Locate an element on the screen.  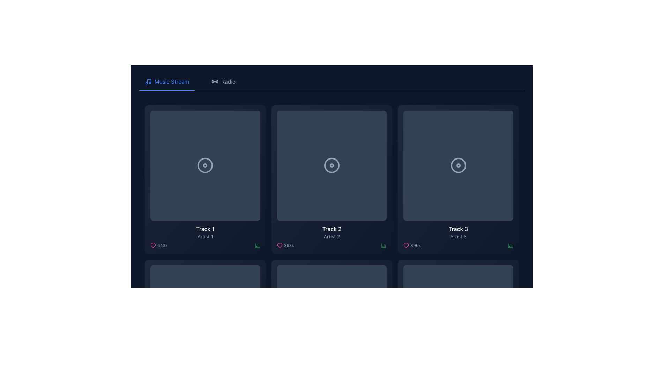
the icon located at the bottom right corner of the card for 'Track 1' is located at coordinates (384, 245).